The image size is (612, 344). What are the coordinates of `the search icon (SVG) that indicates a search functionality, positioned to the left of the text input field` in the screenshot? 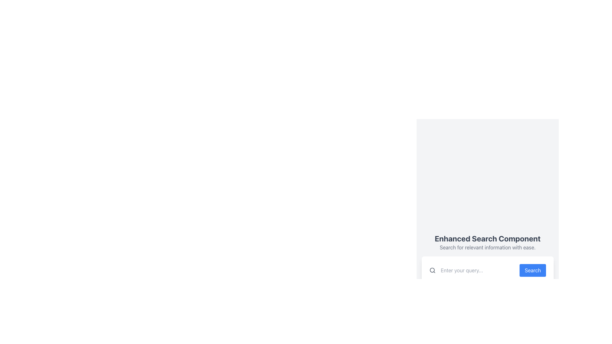 It's located at (433, 270).